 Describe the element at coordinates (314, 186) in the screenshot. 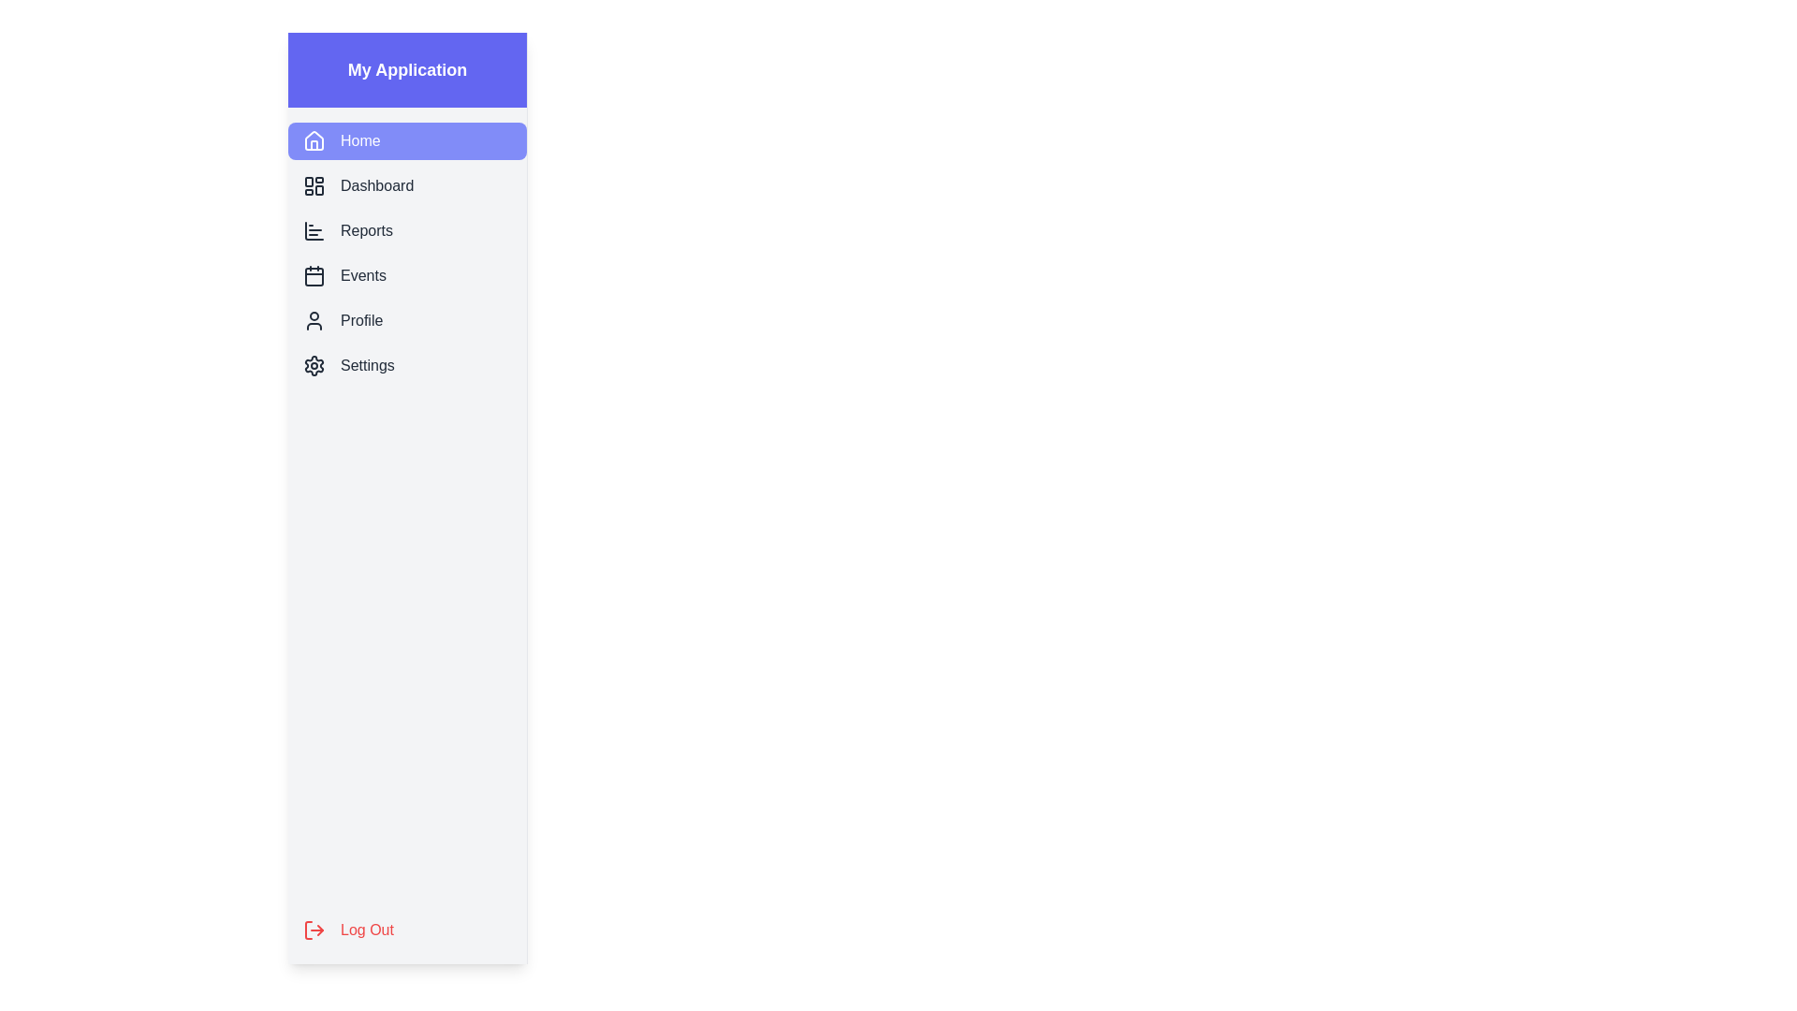

I see `the dashboard icon located to the left of the 'Dashboard' text in the second menu item of the vertical navigation panel` at that location.